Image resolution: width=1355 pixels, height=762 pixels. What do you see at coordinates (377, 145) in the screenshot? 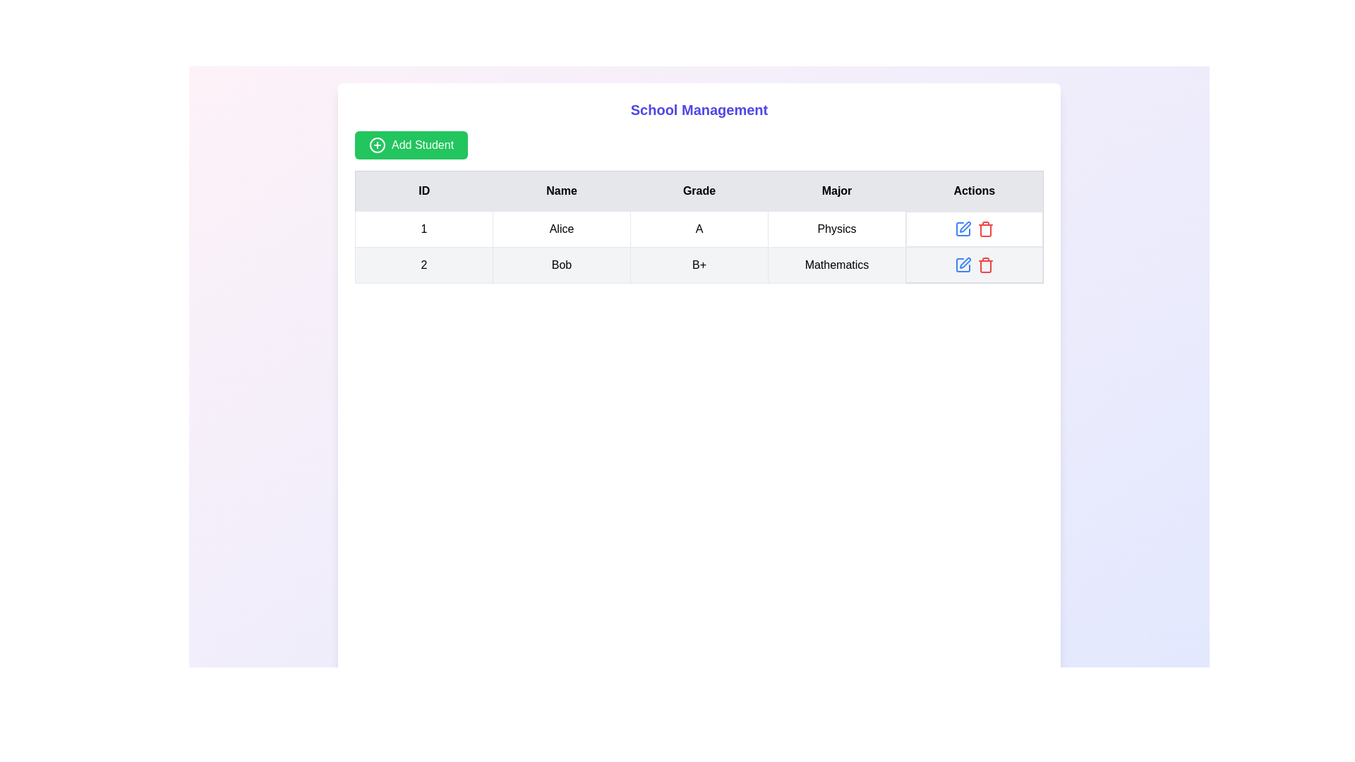
I see `the graphical icon located to the left of the 'Add Student' button text label` at bounding box center [377, 145].